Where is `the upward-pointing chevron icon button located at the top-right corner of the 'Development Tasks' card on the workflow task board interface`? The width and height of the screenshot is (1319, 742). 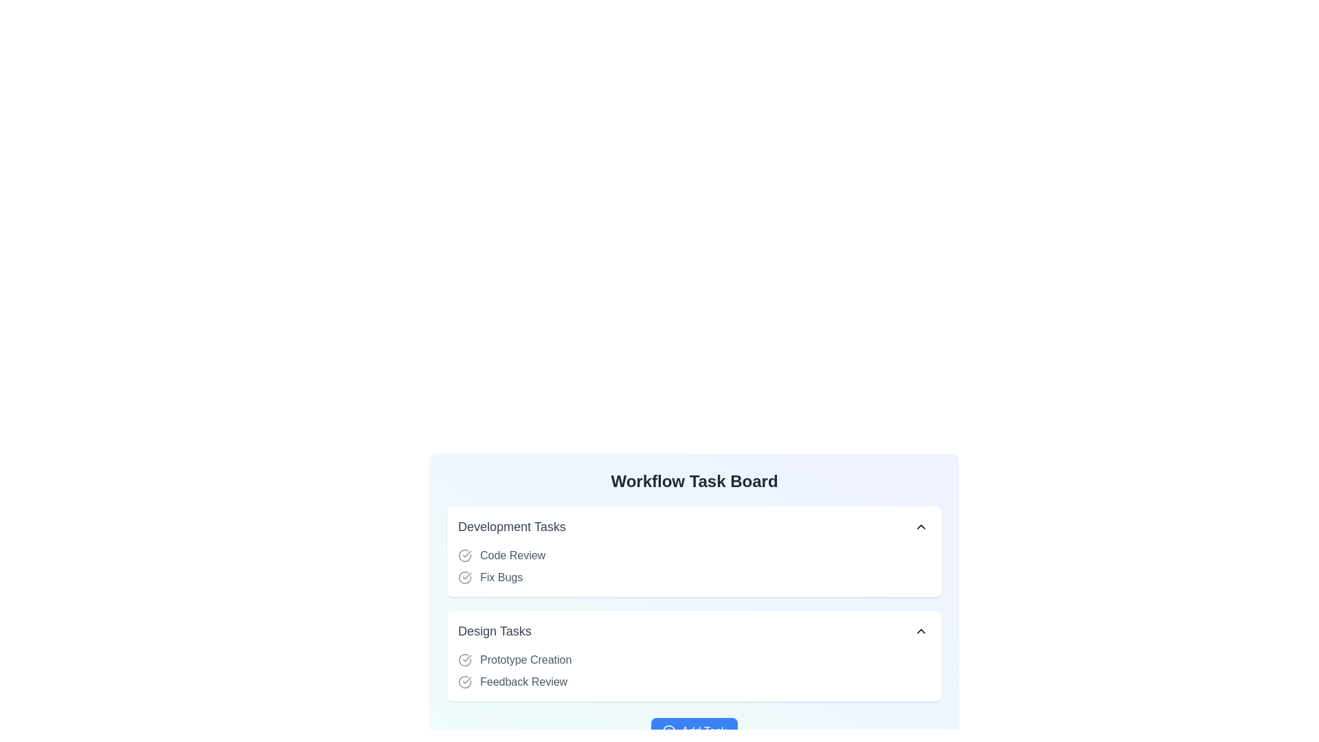 the upward-pointing chevron icon button located at the top-right corner of the 'Development Tasks' card on the workflow task board interface is located at coordinates (921, 526).